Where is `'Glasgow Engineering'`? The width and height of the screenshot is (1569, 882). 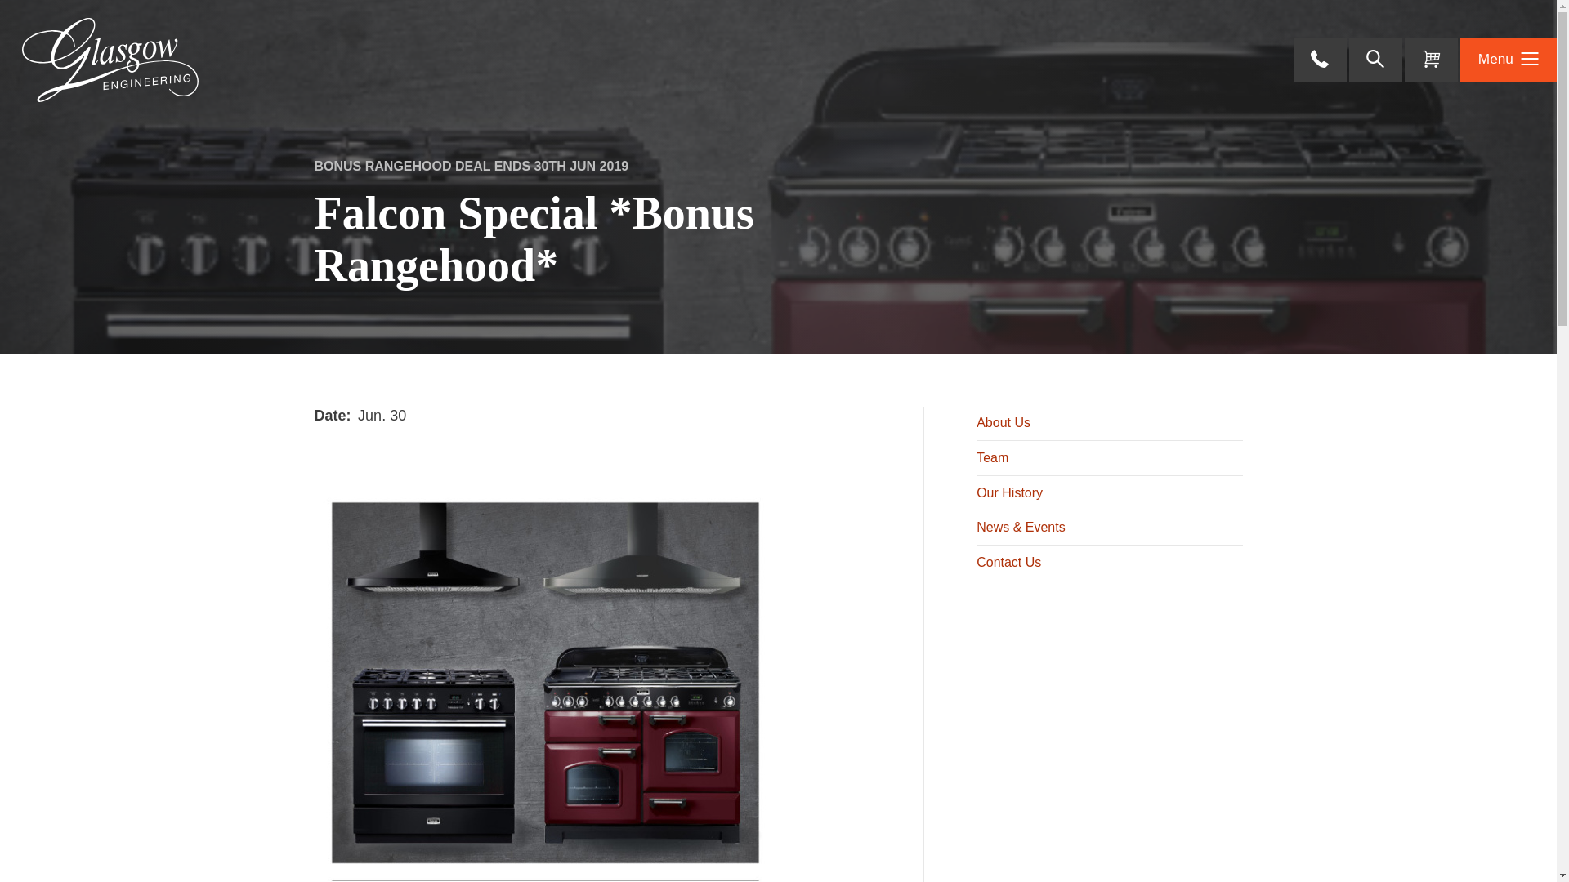 'Glasgow Engineering' is located at coordinates (109, 58).